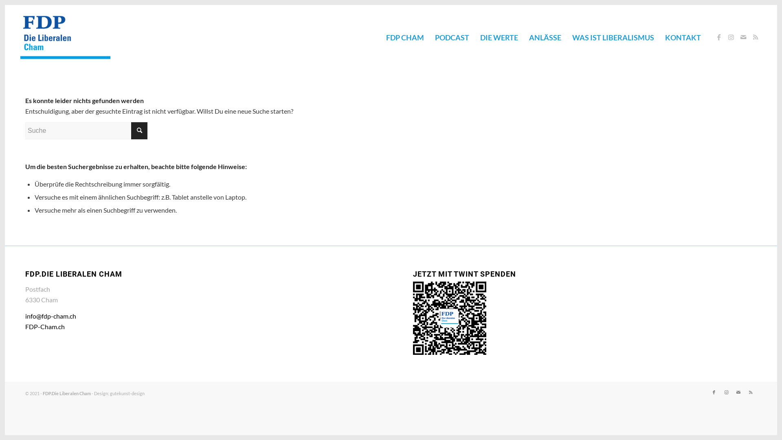 The image size is (782, 440). What do you see at coordinates (119, 393) in the screenshot?
I see `'Design: gutekunst-design'` at bounding box center [119, 393].